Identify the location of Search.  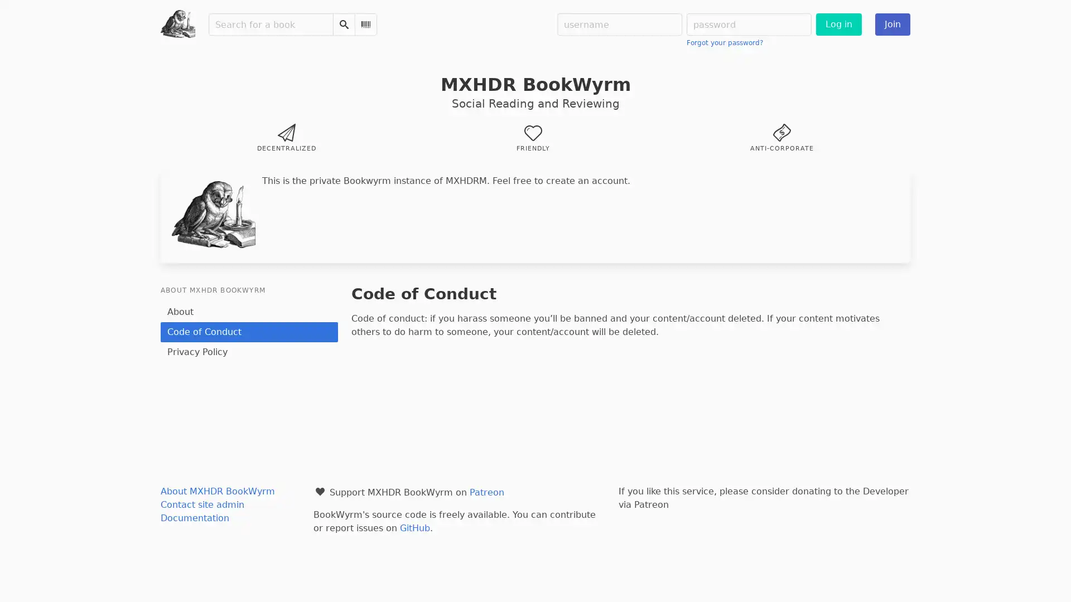
(344, 24).